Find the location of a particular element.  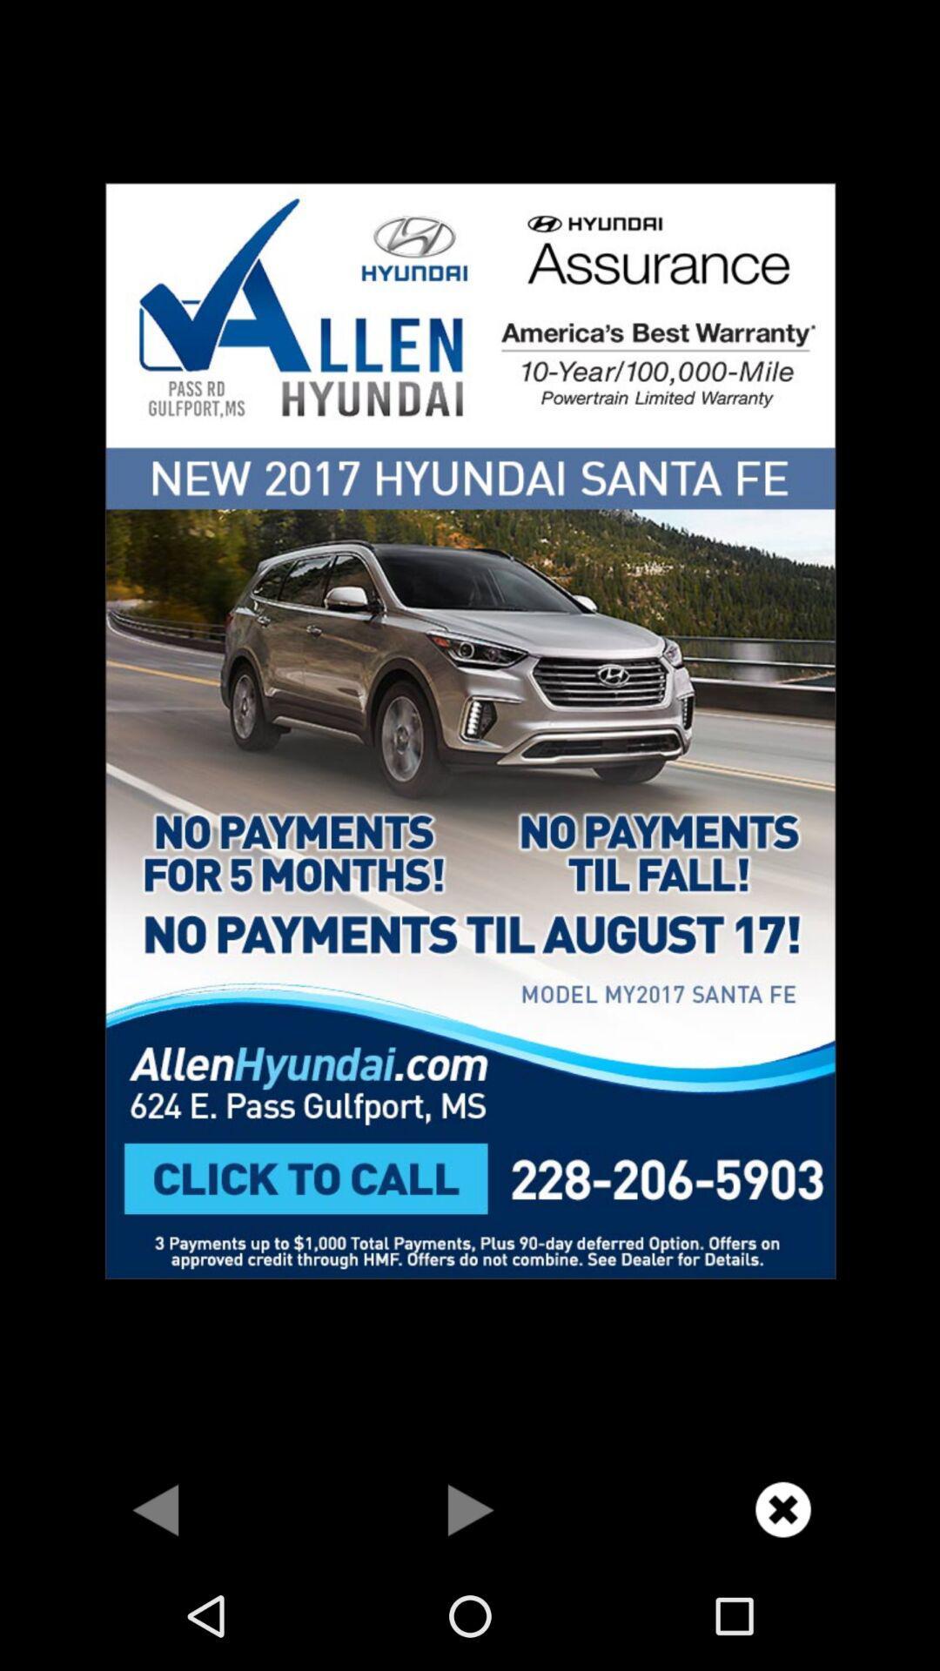

go forward is located at coordinates (470, 1508).